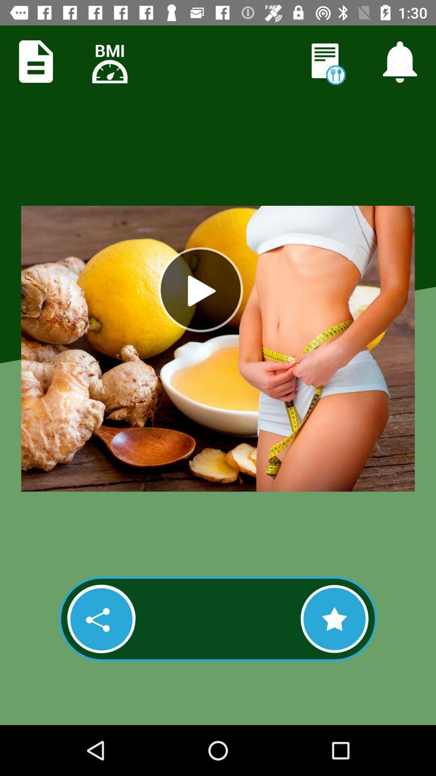 The width and height of the screenshot is (436, 776). Describe the element at coordinates (334, 618) in the screenshot. I see `favourite` at that location.